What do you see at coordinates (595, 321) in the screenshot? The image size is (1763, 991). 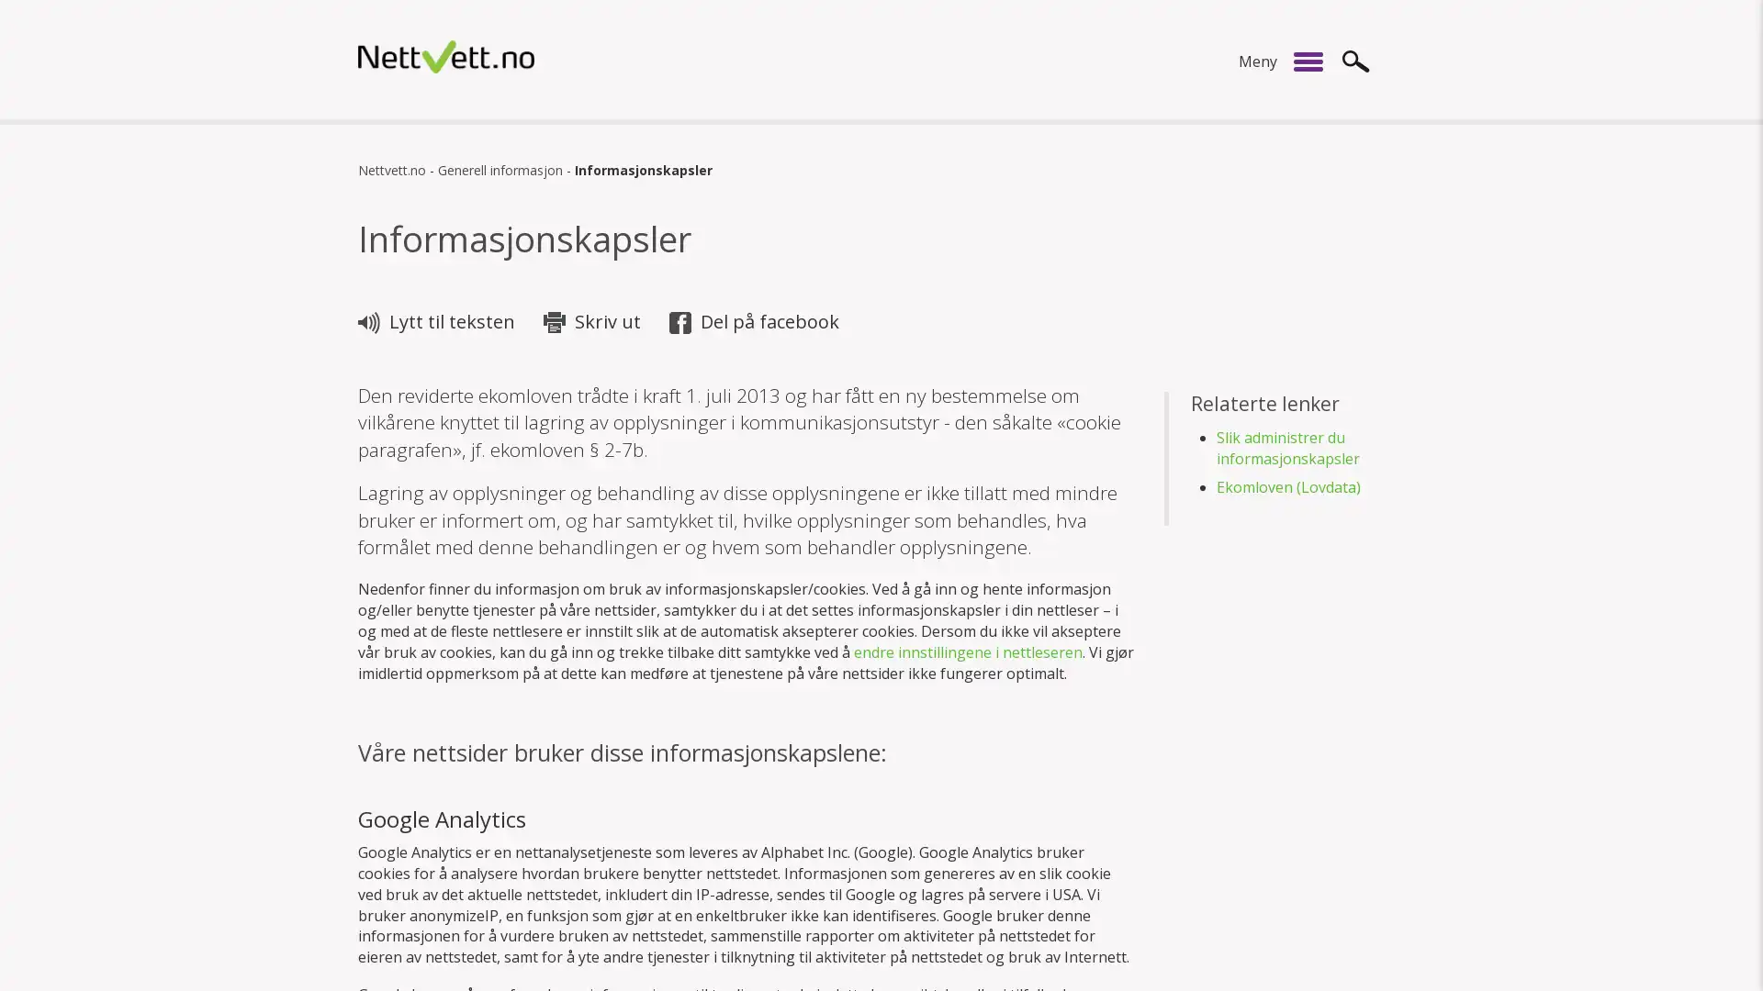 I see `Skriv ut` at bounding box center [595, 321].